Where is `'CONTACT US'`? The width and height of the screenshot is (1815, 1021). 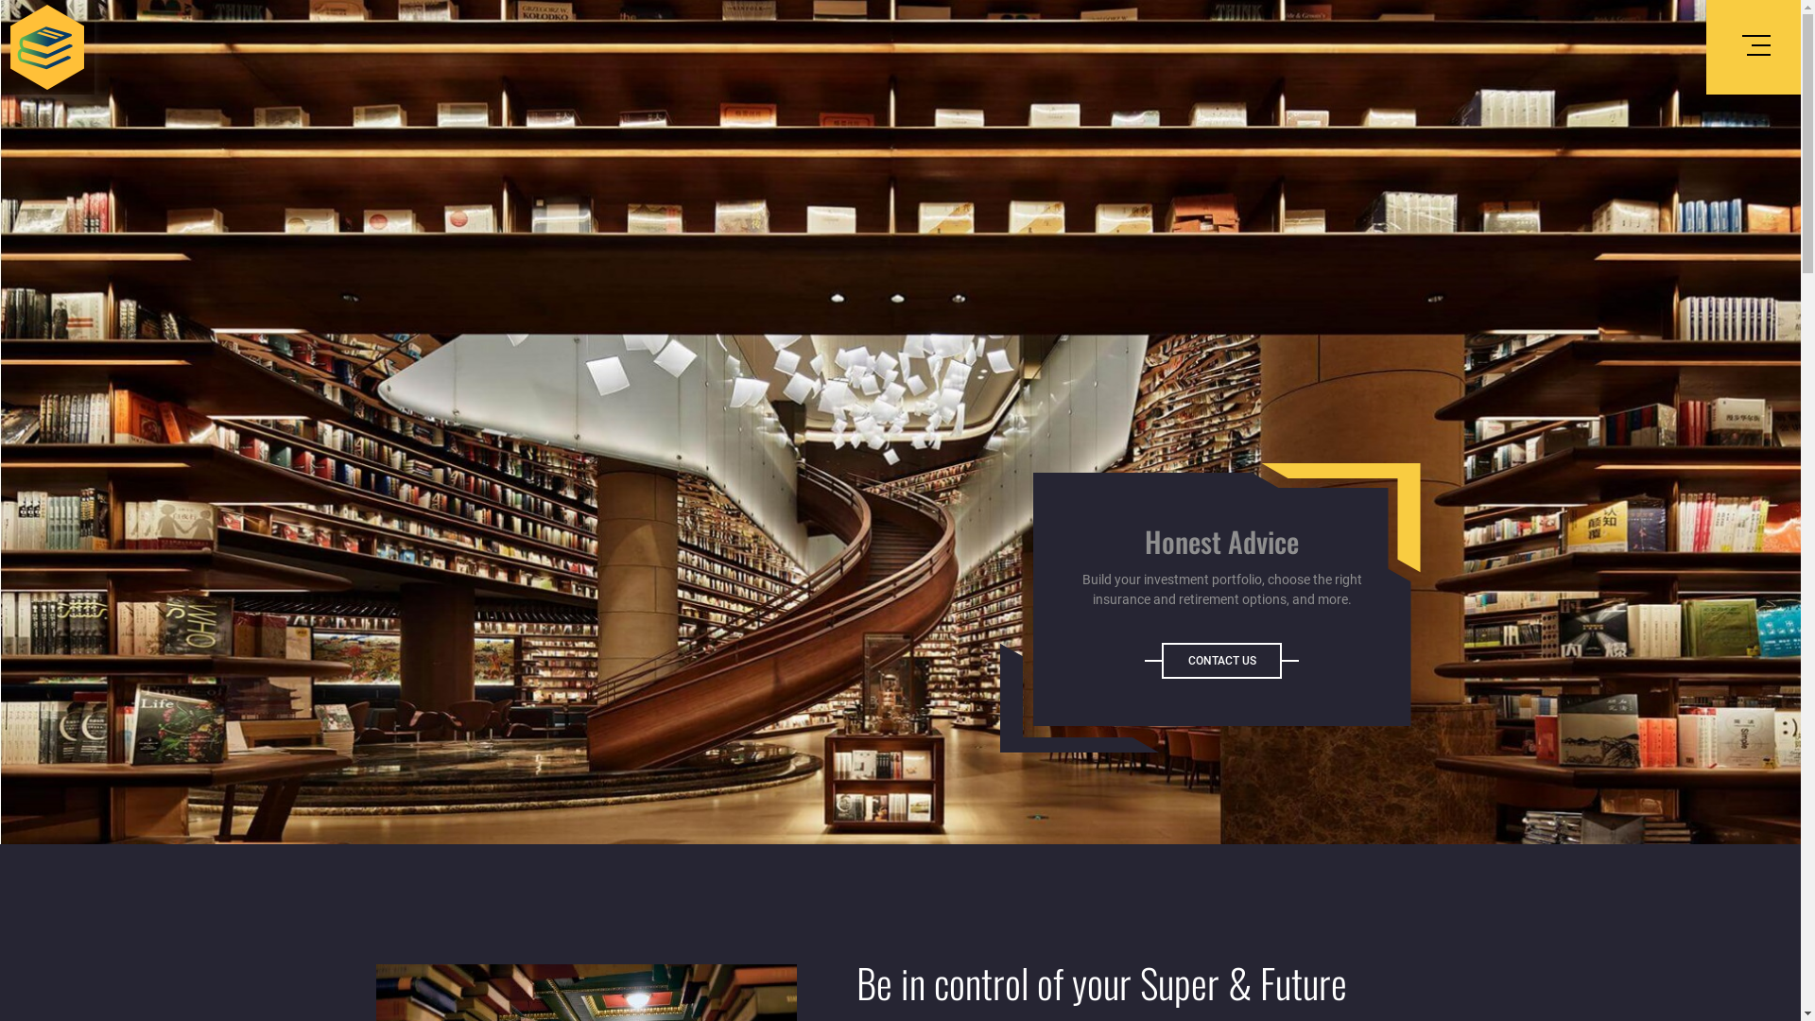
'CONTACT US' is located at coordinates (1221, 659).